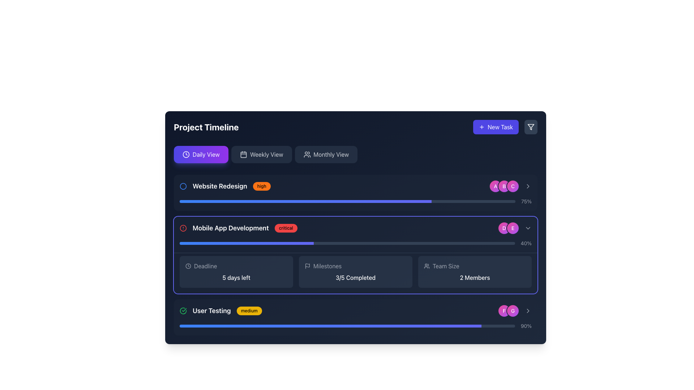 This screenshot has height=390, width=694. What do you see at coordinates (224, 201) in the screenshot?
I see `progress` at bounding box center [224, 201].